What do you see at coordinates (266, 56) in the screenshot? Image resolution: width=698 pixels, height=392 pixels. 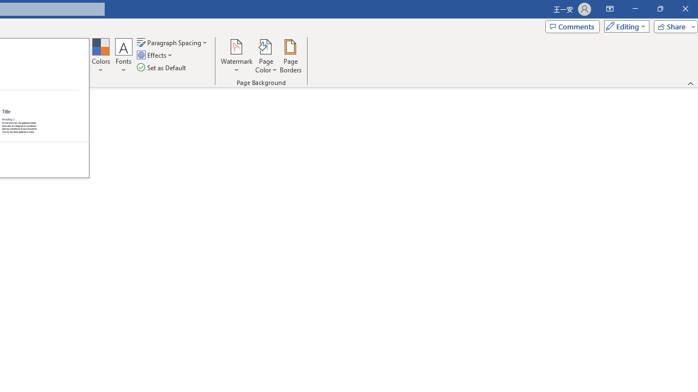 I see `'Page Color'` at bounding box center [266, 56].